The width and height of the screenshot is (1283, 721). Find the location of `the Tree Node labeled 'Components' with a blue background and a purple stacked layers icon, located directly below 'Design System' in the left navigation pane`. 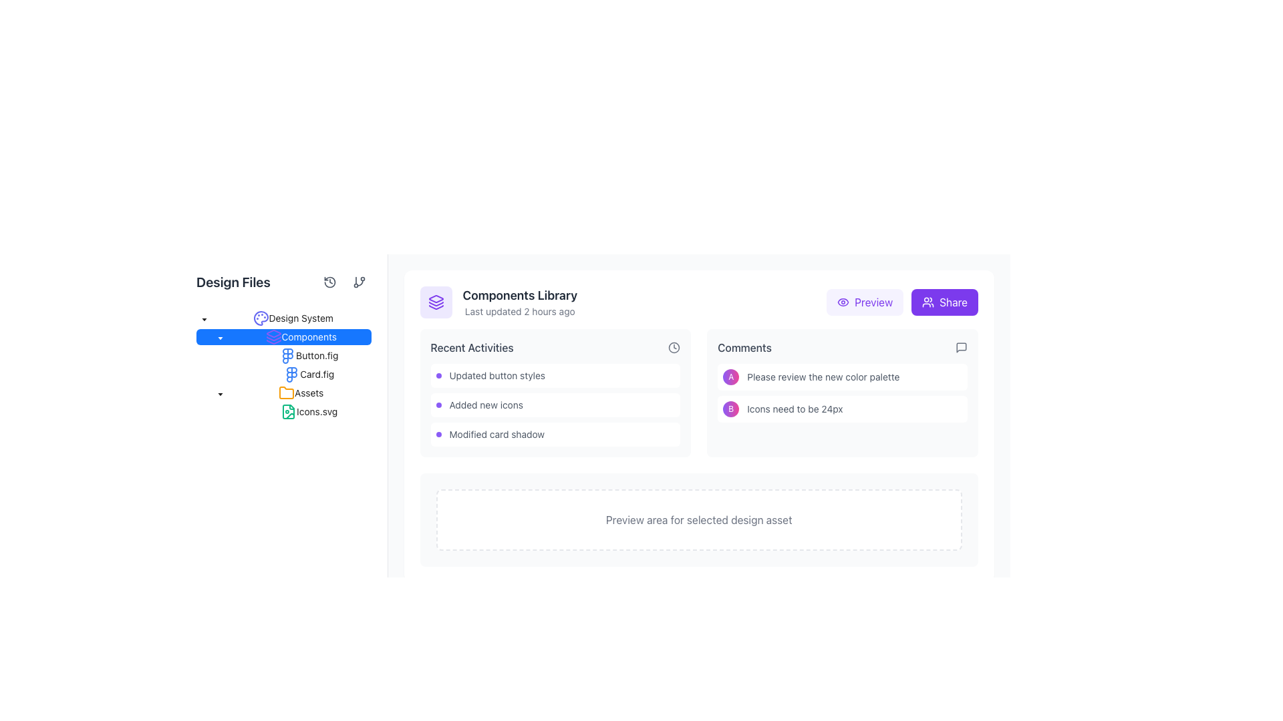

the Tree Node labeled 'Components' with a blue background and a purple stacked layers icon, located directly below 'Design System' in the left navigation pane is located at coordinates (300, 336).